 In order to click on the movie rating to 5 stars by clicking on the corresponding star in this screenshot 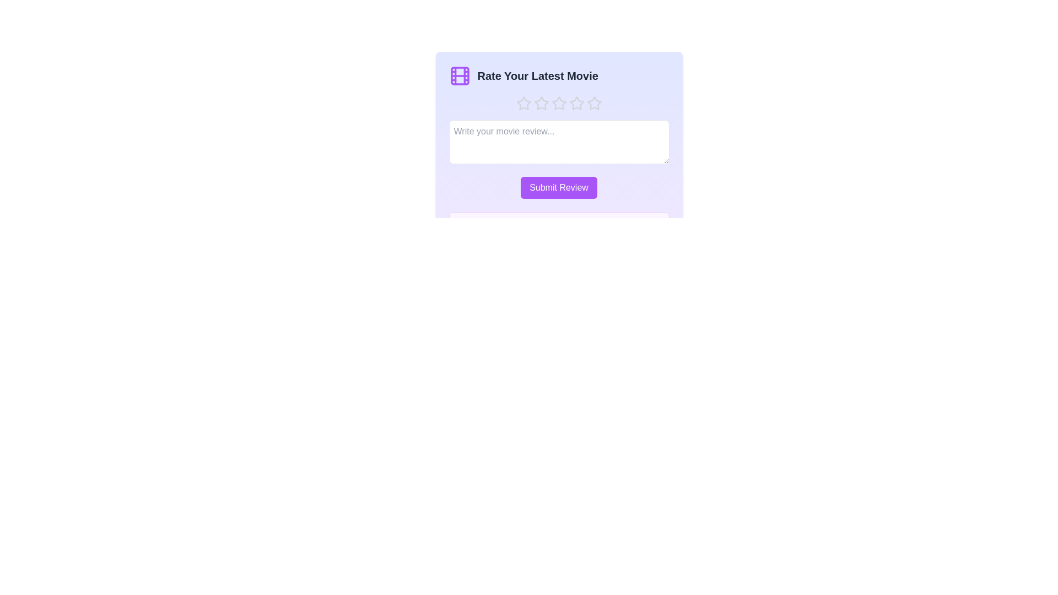, I will do `click(593, 104)`.